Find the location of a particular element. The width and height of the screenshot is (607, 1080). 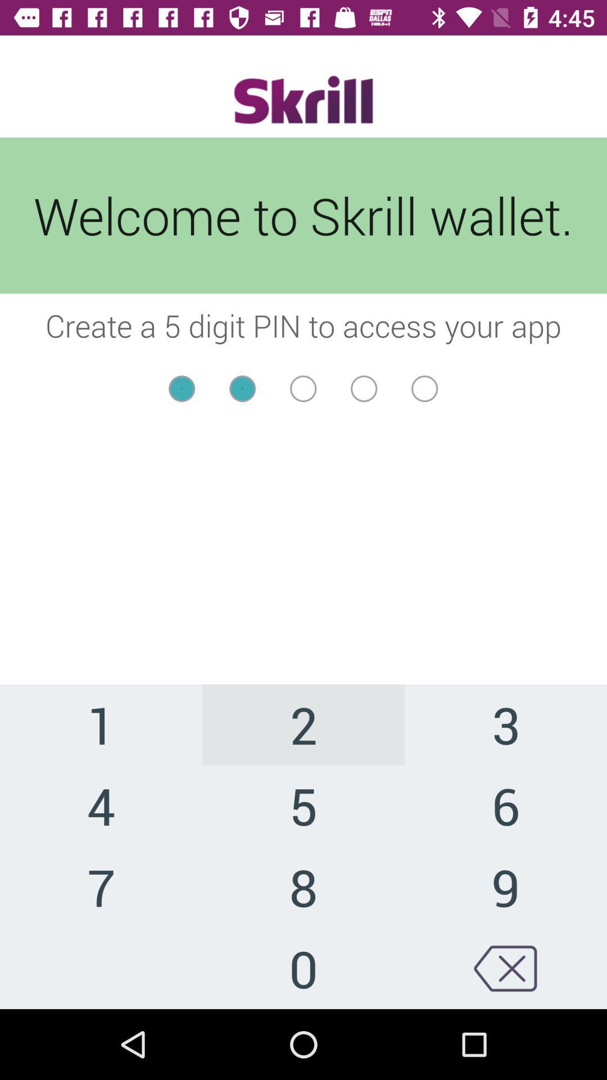

9 is located at coordinates (505, 886).